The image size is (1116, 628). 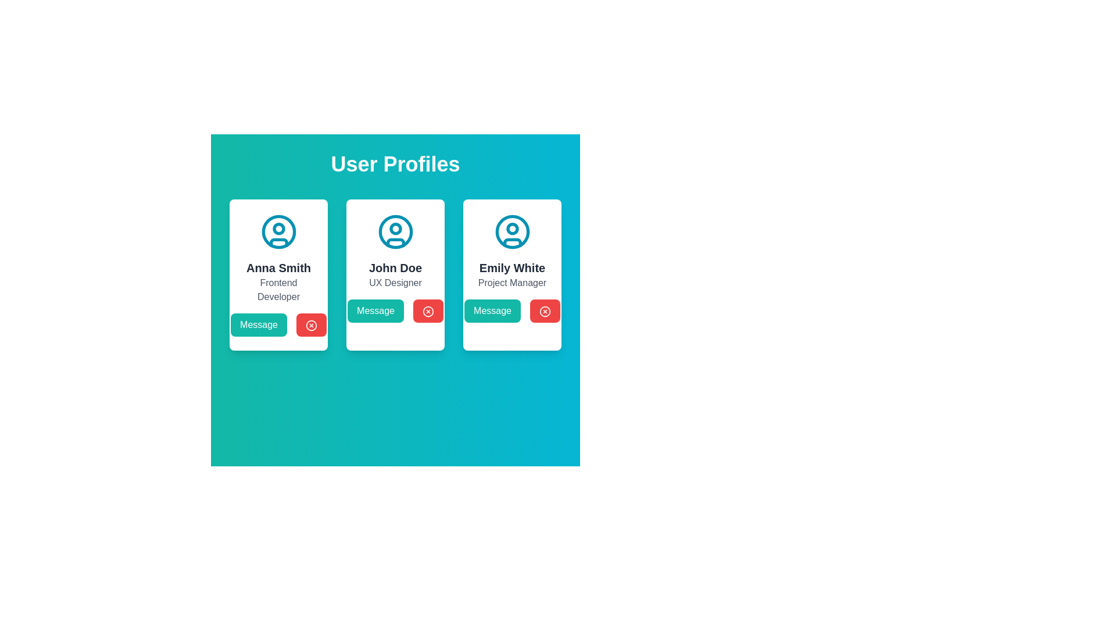 I want to click on text displayed as 'Frontend Developer' which is centrally aligned and located beneath the 'Anna Smith' text in the first profile card, so click(x=278, y=289).